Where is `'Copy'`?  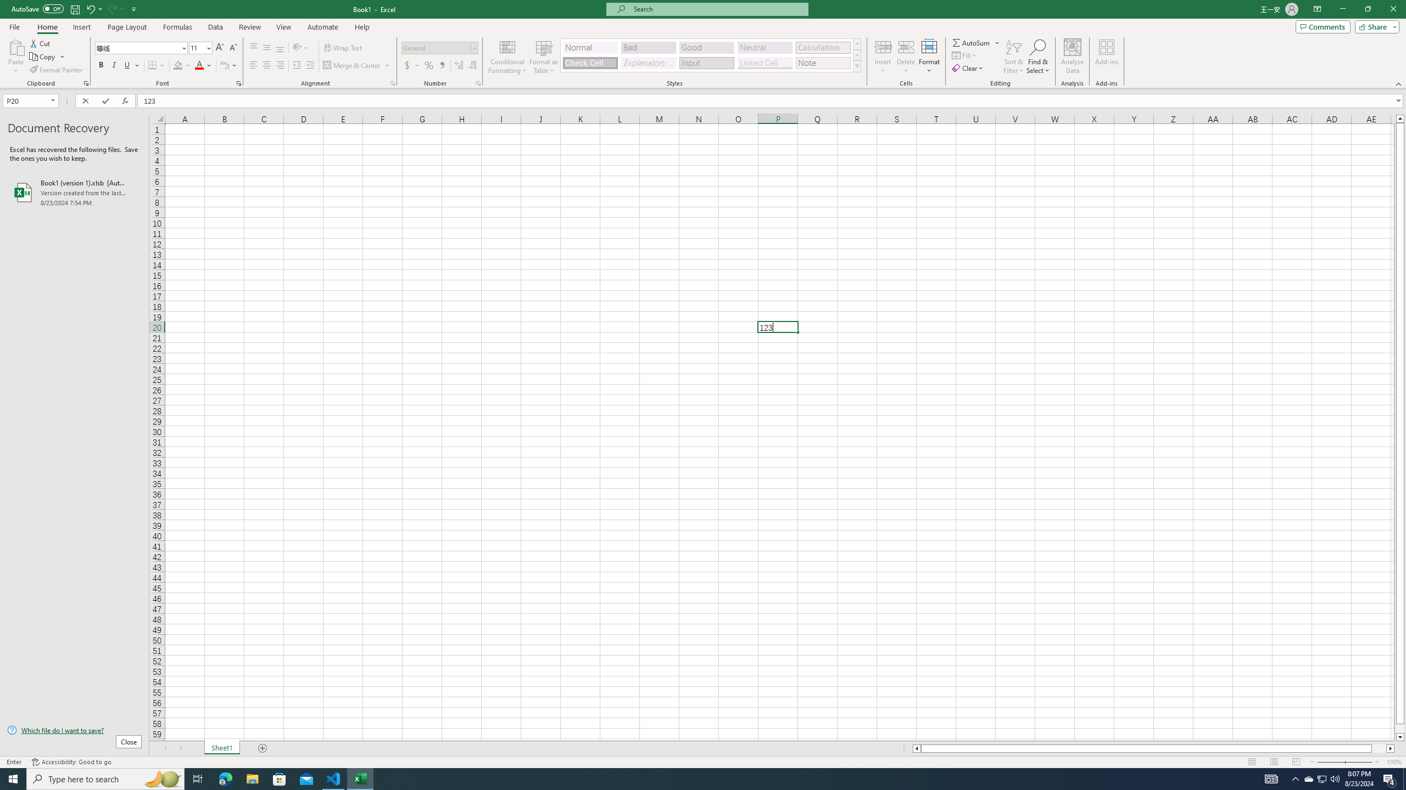 'Copy' is located at coordinates (47, 57).